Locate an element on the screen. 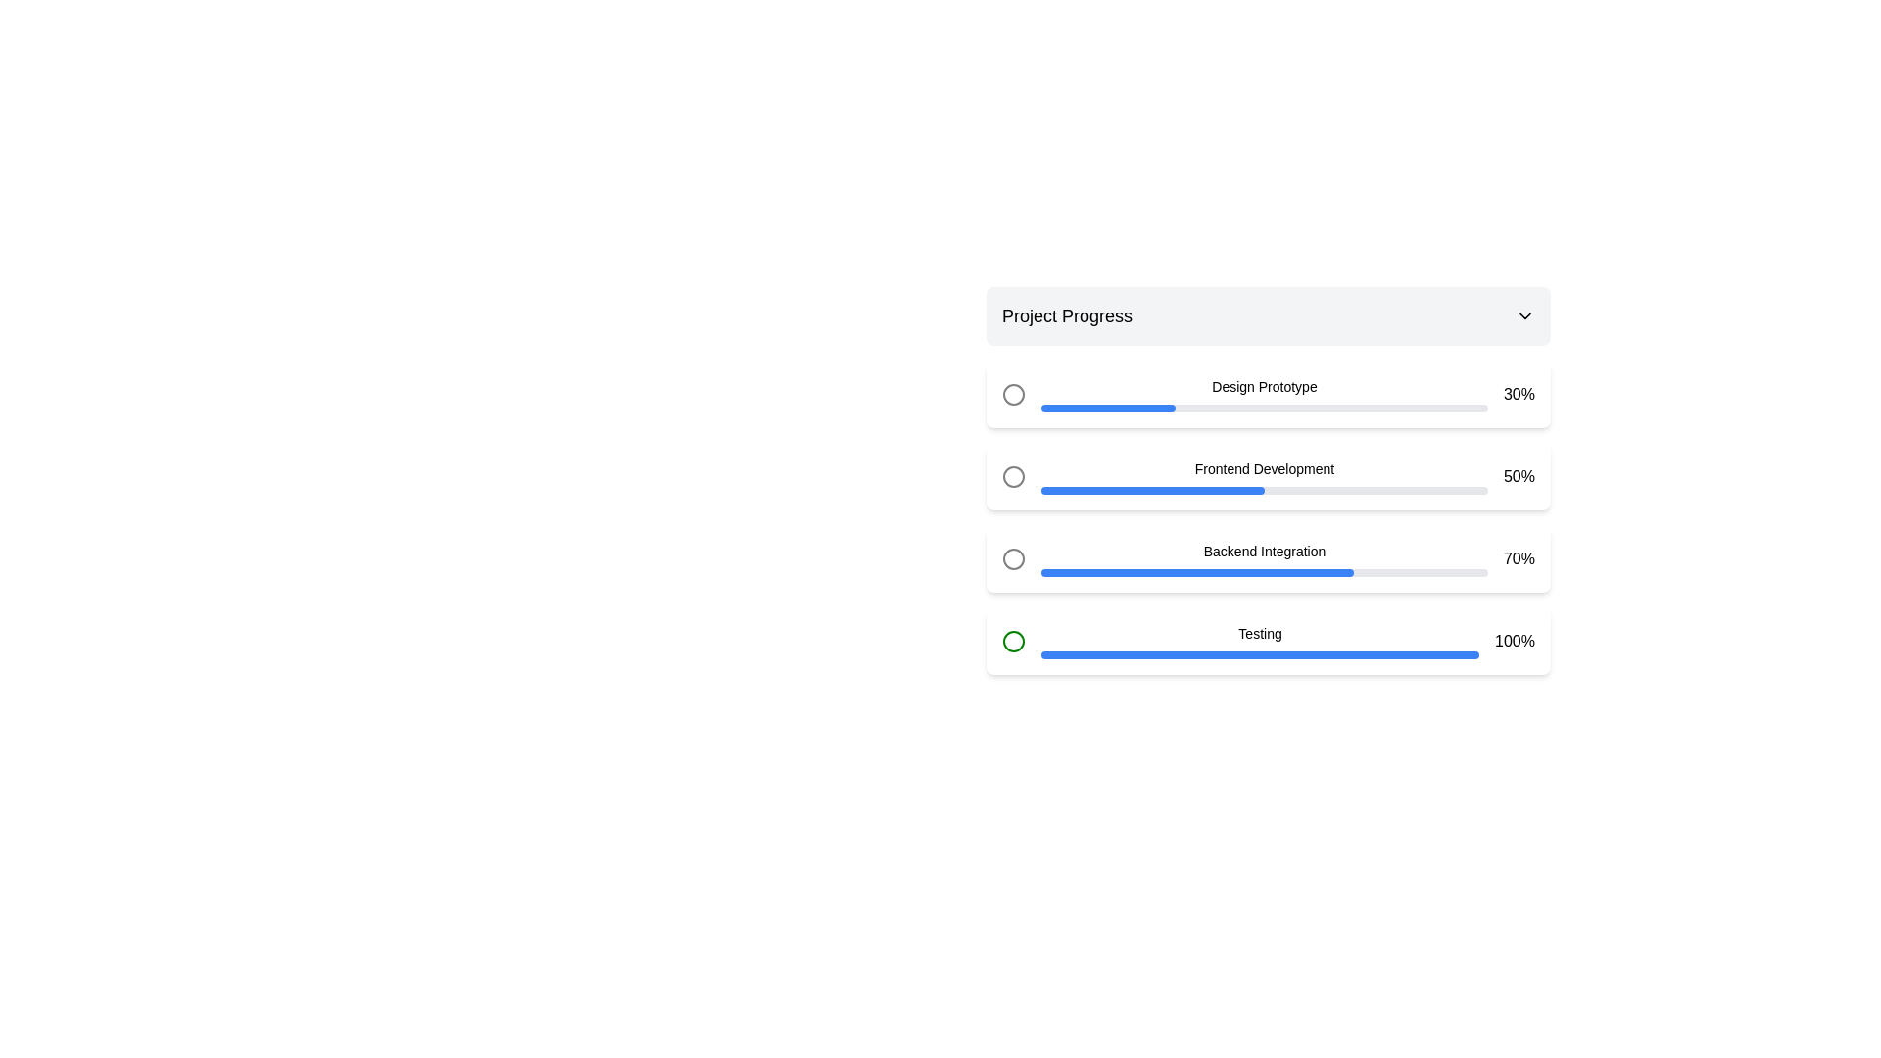 This screenshot has width=1881, height=1058. the 'Design Prototype' label in the progress tracker item is located at coordinates (1265, 394).